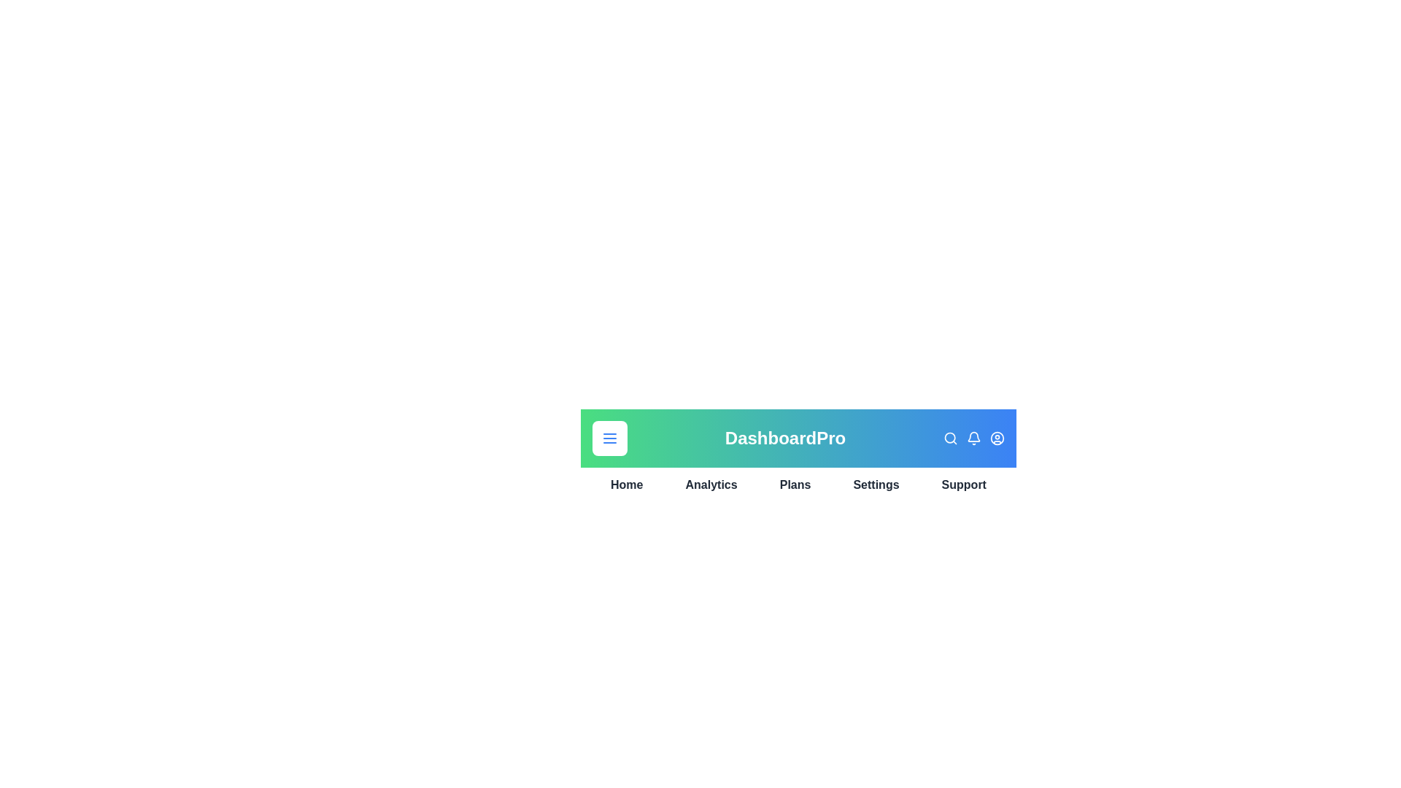 This screenshot has width=1401, height=788. What do you see at coordinates (950, 438) in the screenshot?
I see `the search icon` at bounding box center [950, 438].